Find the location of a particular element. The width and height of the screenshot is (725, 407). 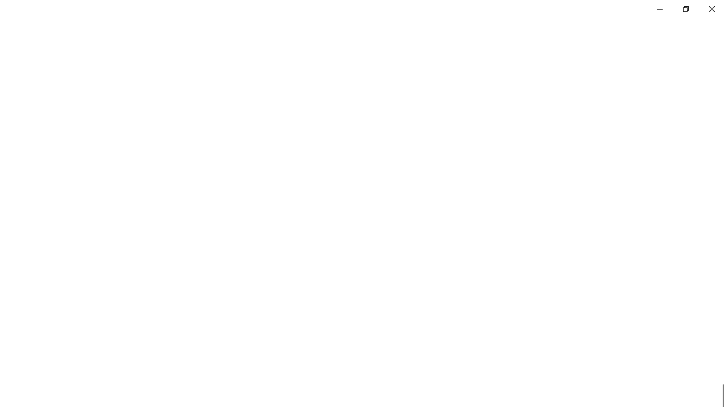

'Close Settings' is located at coordinates (711, 8).